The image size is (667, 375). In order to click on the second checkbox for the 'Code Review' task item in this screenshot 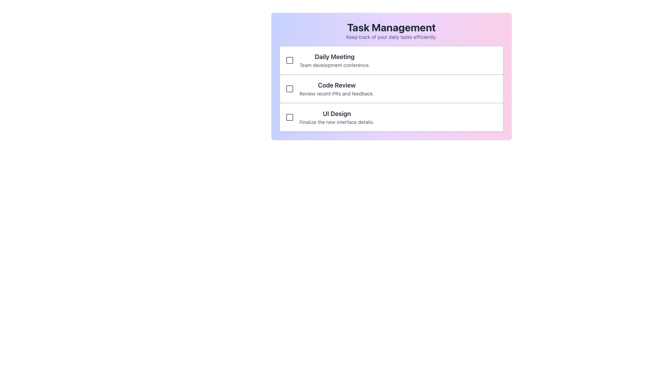, I will do `click(290, 88)`.